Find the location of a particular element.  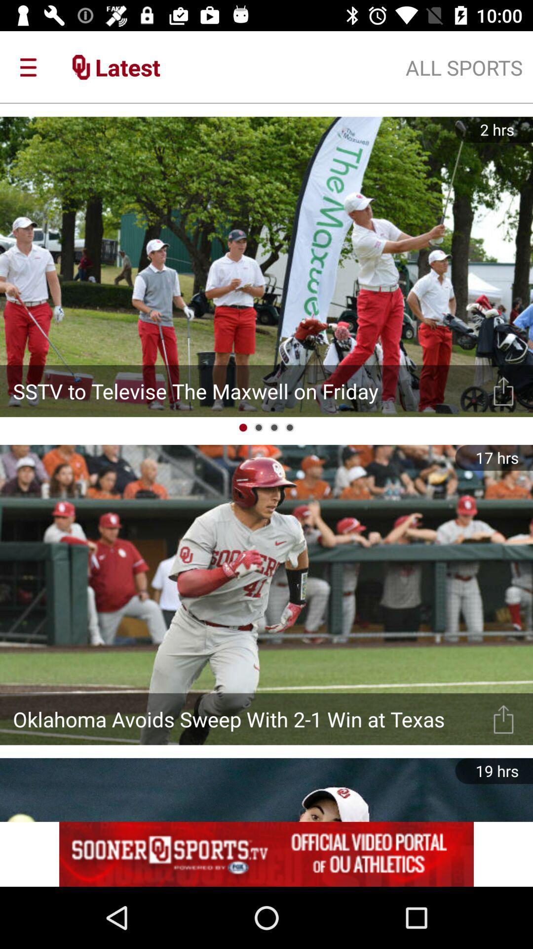

open advertisement is located at coordinates (266, 854).